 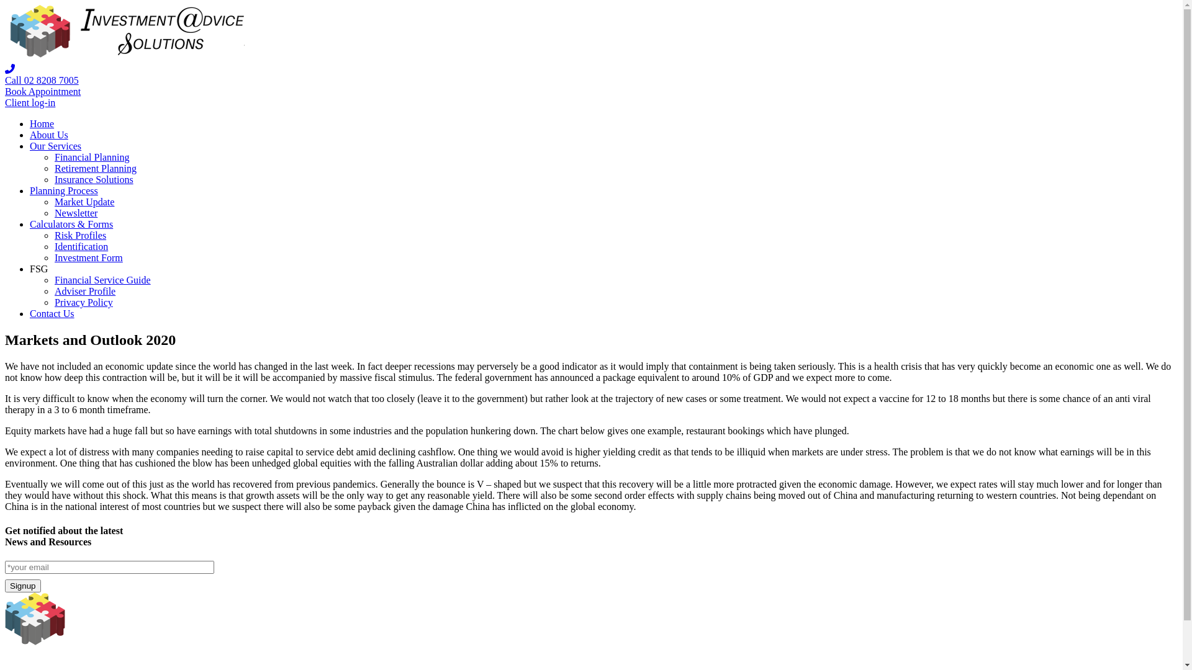 What do you see at coordinates (30, 102) in the screenshot?
I see `'Client log-in'` at bounding box center [30, 102].